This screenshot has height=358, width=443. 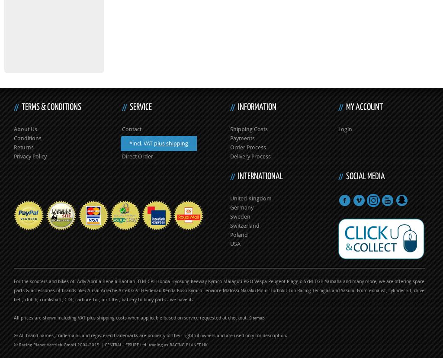 What do you see at coordinates (140, 106) in the screenshot?
I see `'SERVICE'` at bounding box center [140, 106].